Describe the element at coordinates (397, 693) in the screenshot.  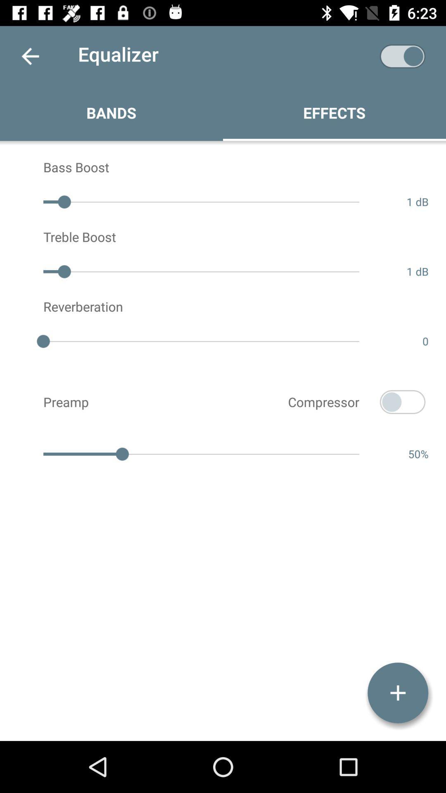
I see `the add icon` at that location.